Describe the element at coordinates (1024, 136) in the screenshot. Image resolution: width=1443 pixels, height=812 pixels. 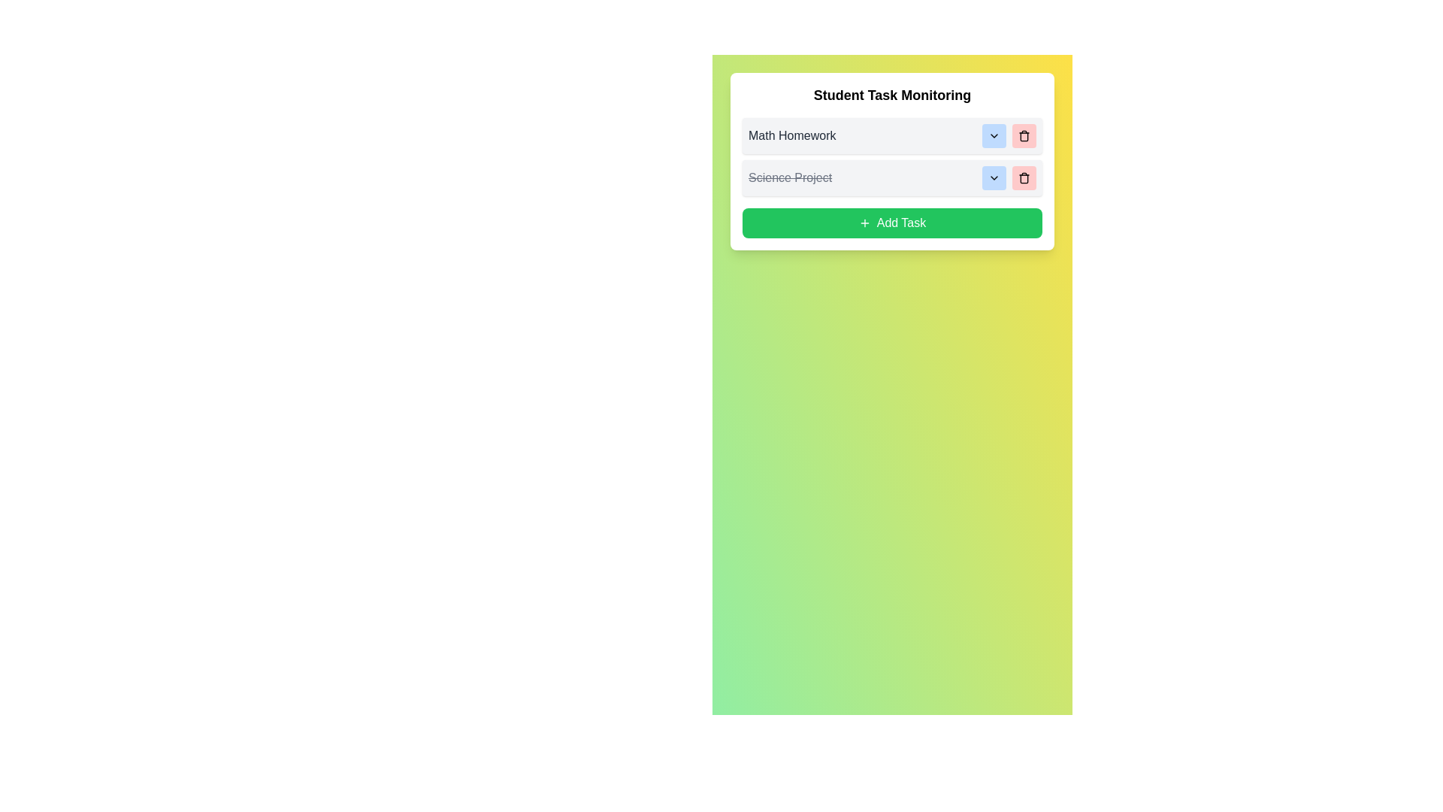
I see `the rectangular button with rounded corners featuring a black trash bin icon on a soft red background, located in the top-right corner of the 'Math Homework' row, to observe the hover effect` at that location.